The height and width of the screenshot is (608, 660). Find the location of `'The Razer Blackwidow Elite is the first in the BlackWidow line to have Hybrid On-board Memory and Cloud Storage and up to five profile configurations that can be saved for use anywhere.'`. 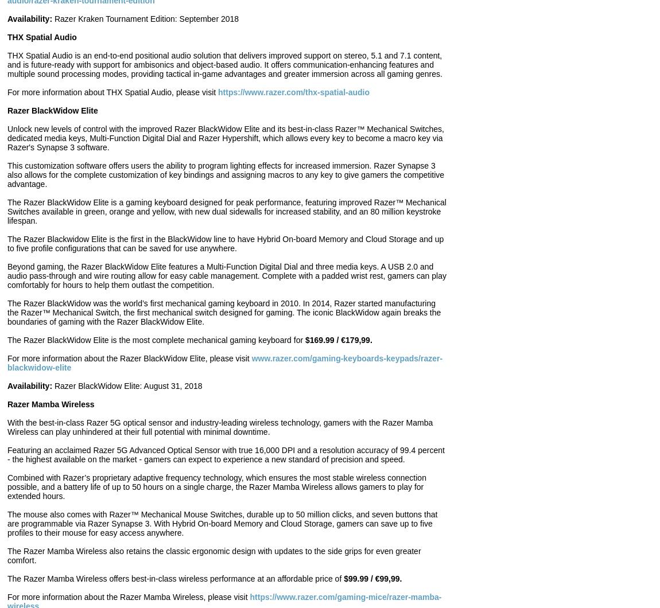

'The Razer Blackwidow Elite is the first in the BlackWidow line to have Hybrid On-board Memory and Cloud Storage and up to five profile configurations that can be saved for use anywhere.' is located at coordinates (225, 243).